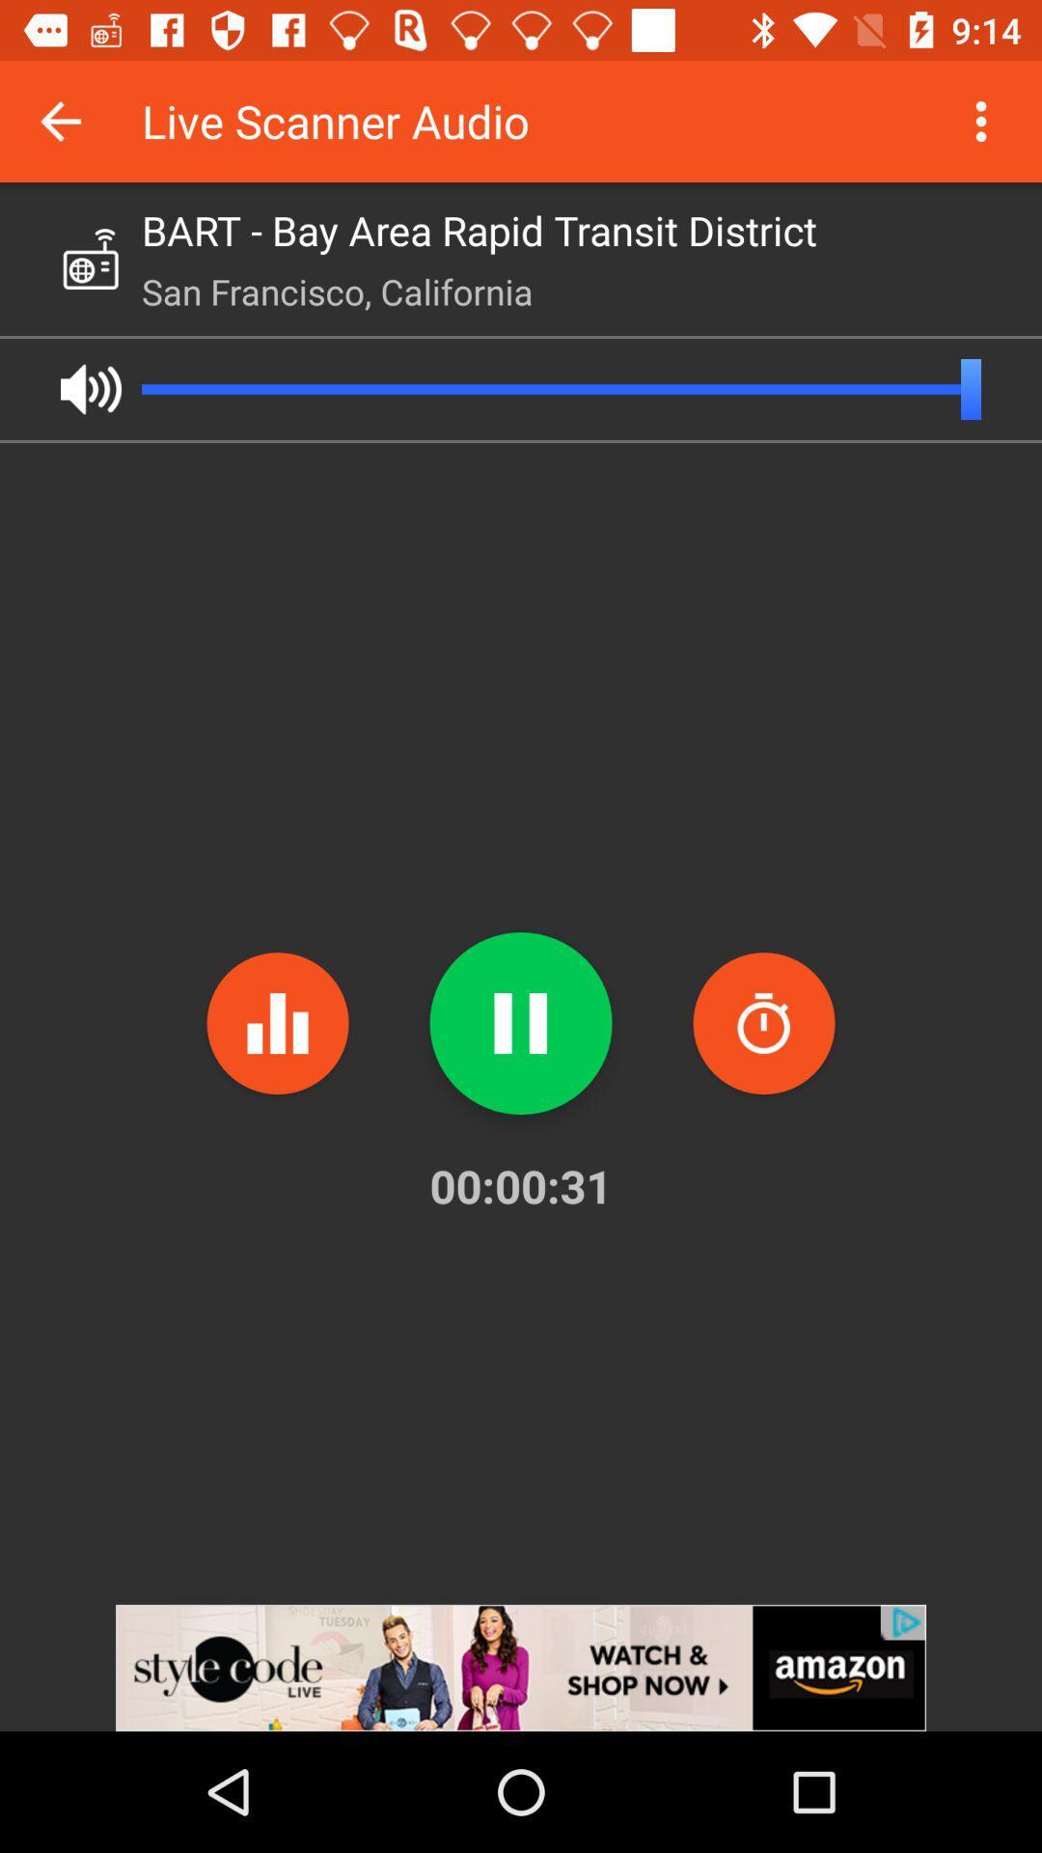  Describe the element at coordinates (762, 1022) in the screenshot. I see `spam` at that location.